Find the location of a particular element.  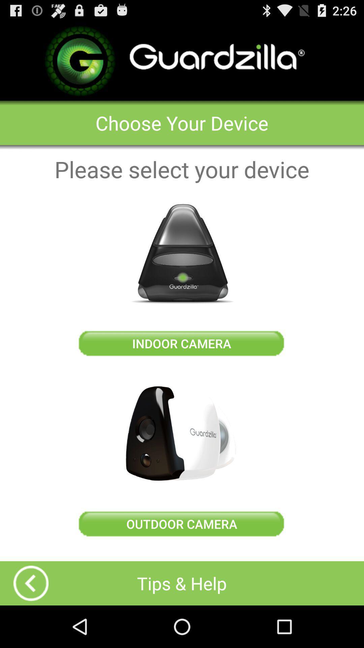

go back is located at coordinates (31, 583).